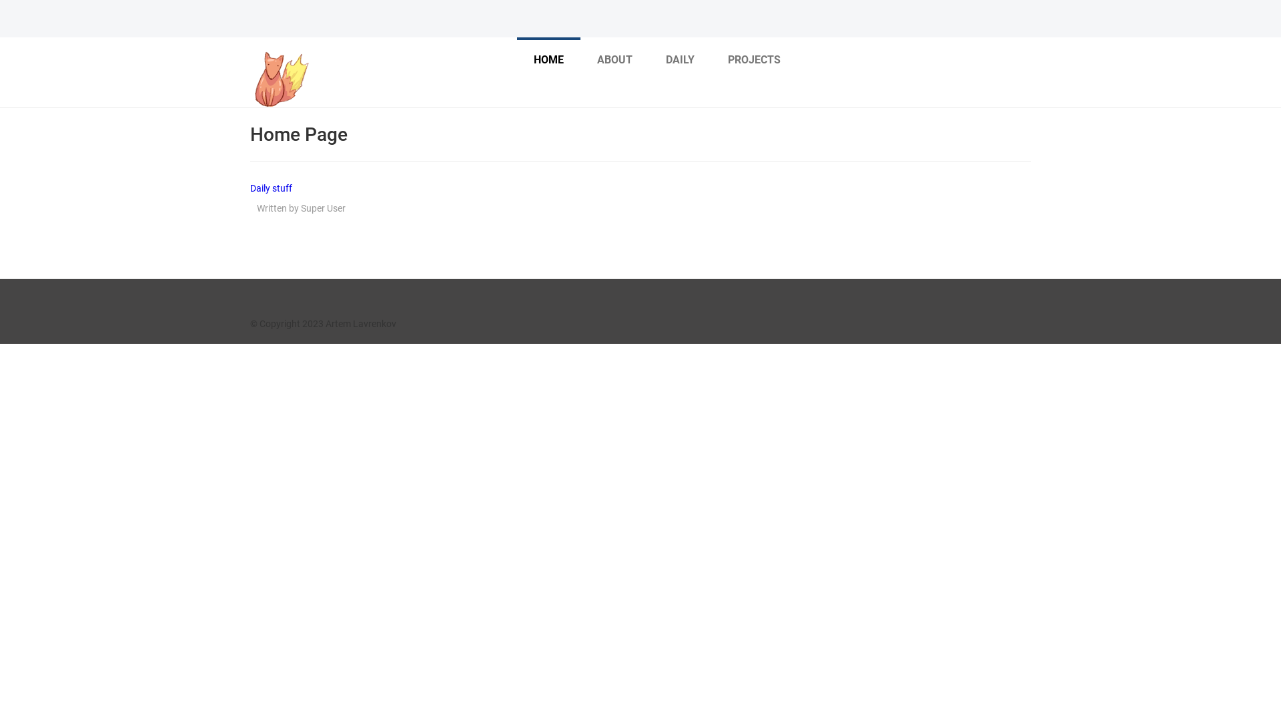  I want to click on 'PROJECTS', so click(754, 58).